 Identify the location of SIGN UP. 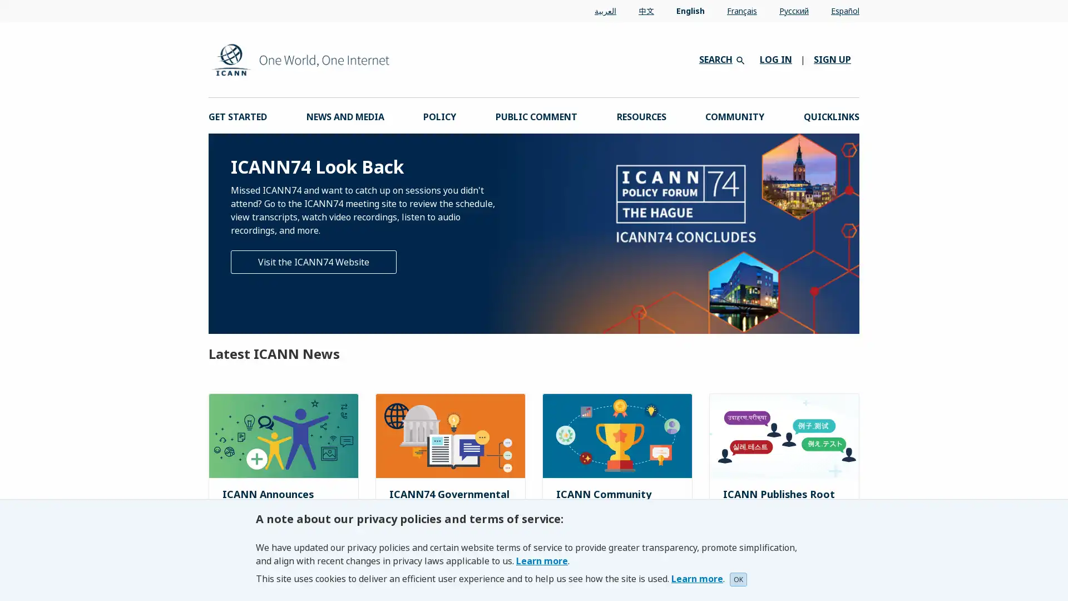
(832, 60).